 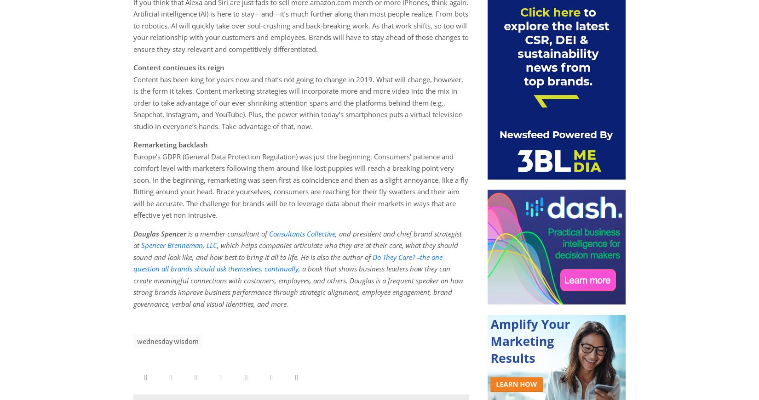 What do you see at coordinates (300, 185) in the screenshot?
I see `'Europe’s GDPR (General Data Protection Regulation) was just the beginning. Consumers’ patience and comfort level with marketers following them around like lost puppies will reach a breaking point very soon. In the beginning, remarketing was seen first as coincidence and then as a slight annoyance, like a fly flitting around your head. Brace yourselves, consumers are reaching for their fly swatters and their aim will be accurate. The challenge for brands will be to leverage data about their markets in ways that are effective yet non-intrusive.'` at bounding box center [300, 185].